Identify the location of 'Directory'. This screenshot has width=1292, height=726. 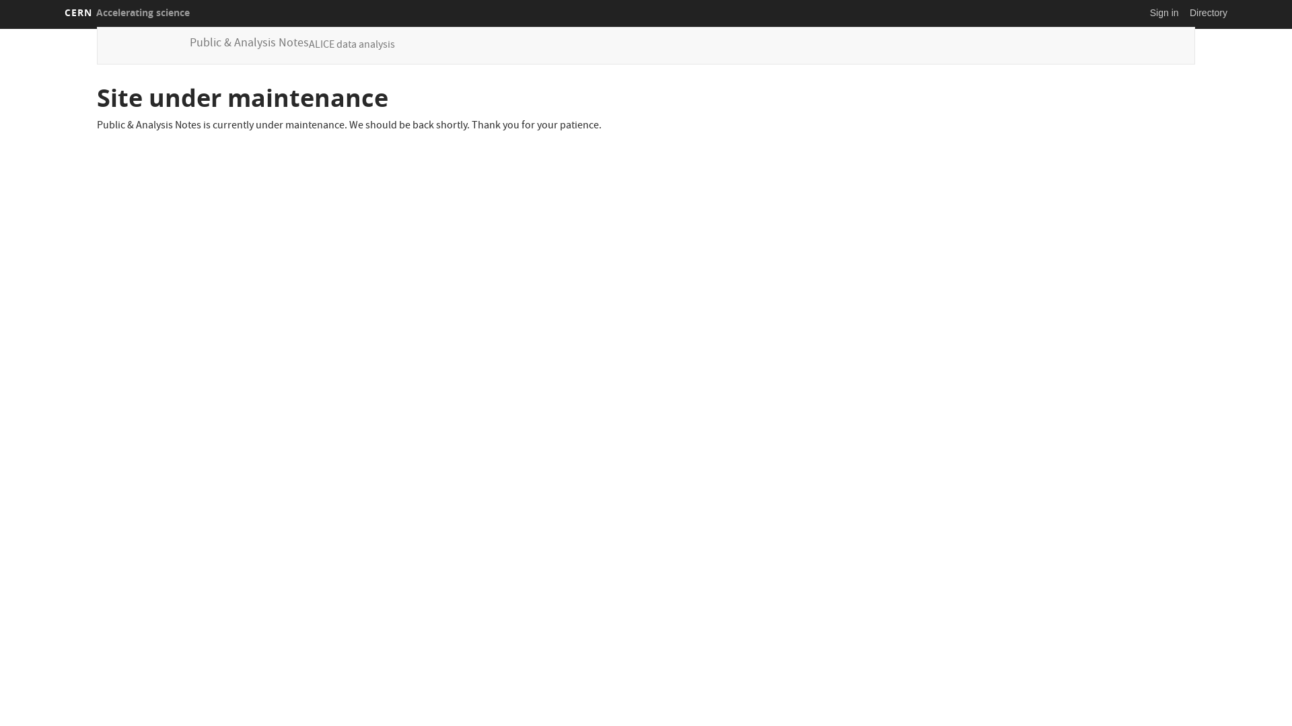
(1208, 13).